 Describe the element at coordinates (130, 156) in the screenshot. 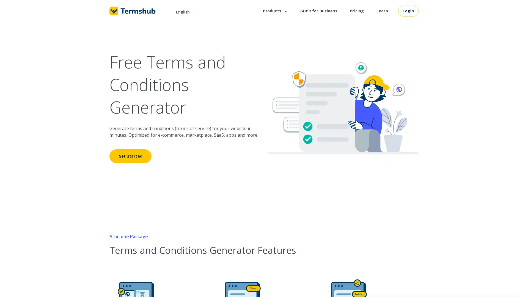

I see `Get started` at that location.